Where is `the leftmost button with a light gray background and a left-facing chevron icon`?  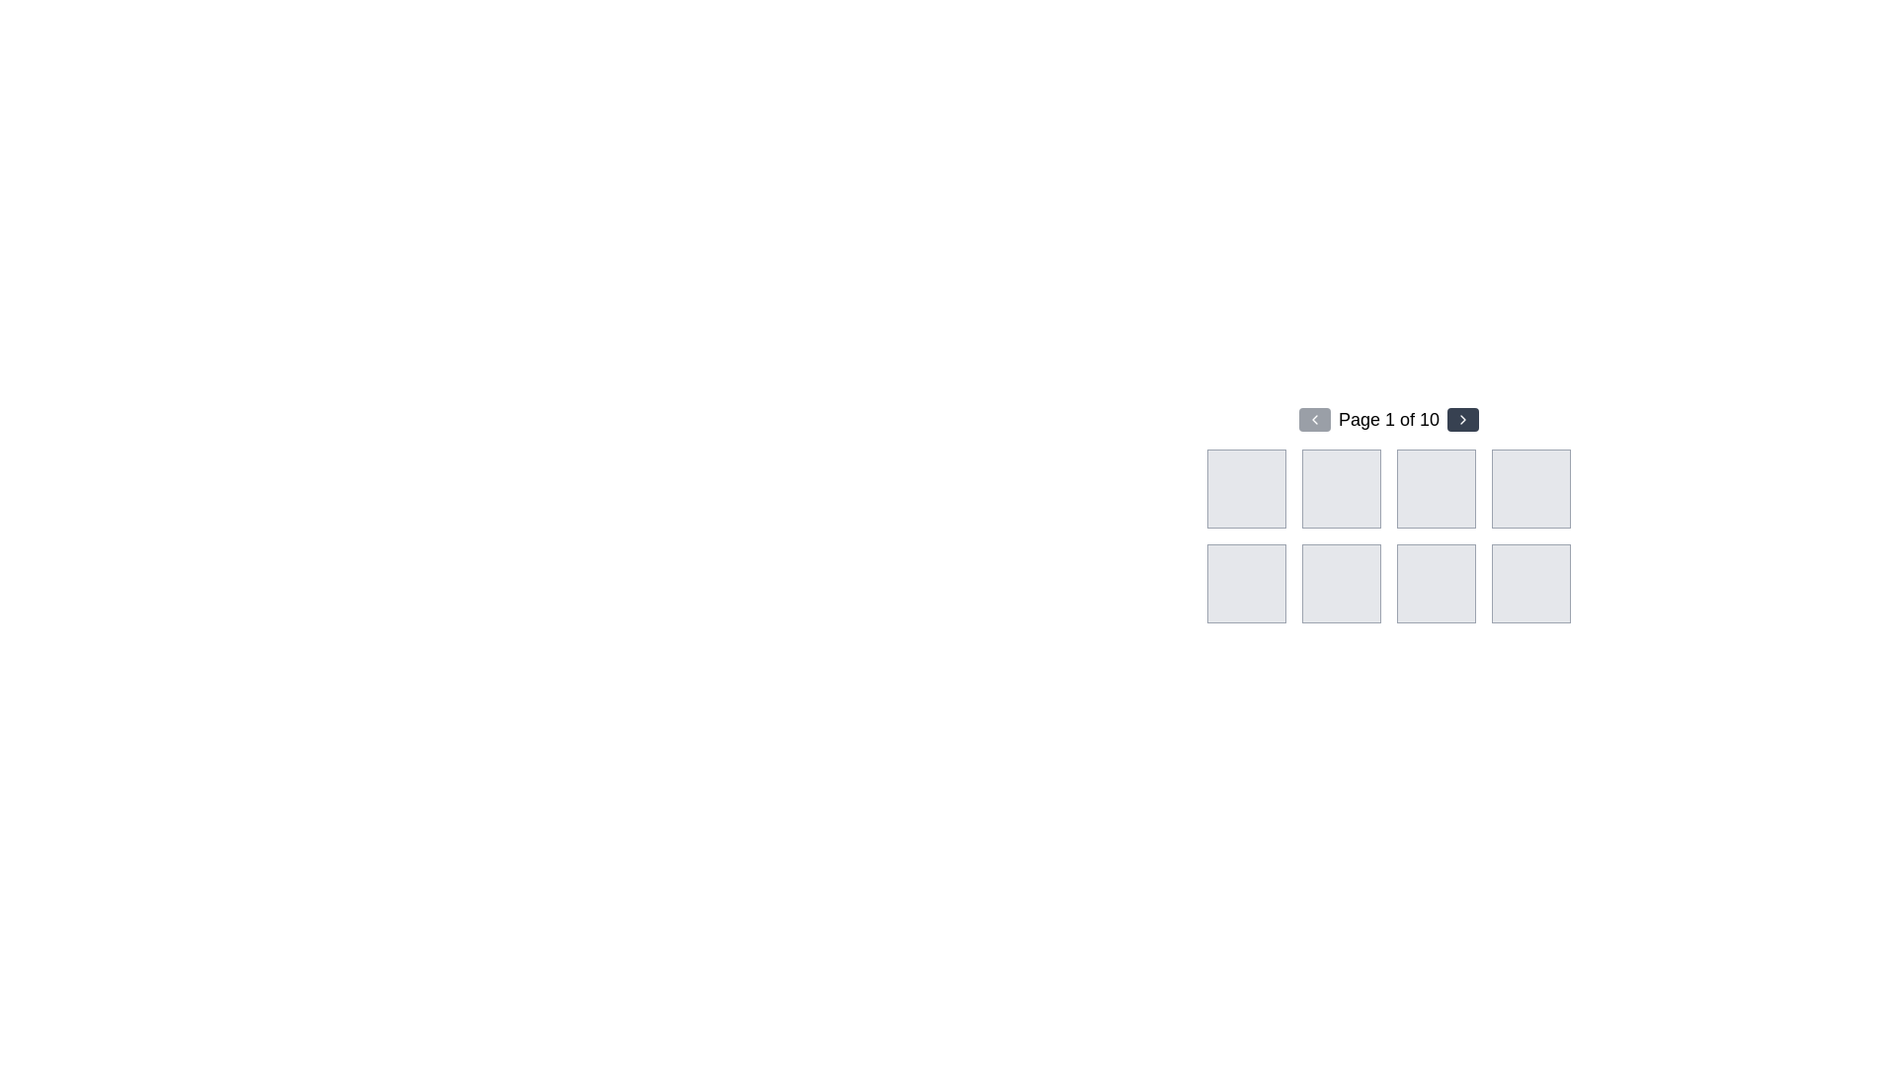 the leftmost button with a light gray background and a left-facing chevron icon is located at coordinates (1314, 418).